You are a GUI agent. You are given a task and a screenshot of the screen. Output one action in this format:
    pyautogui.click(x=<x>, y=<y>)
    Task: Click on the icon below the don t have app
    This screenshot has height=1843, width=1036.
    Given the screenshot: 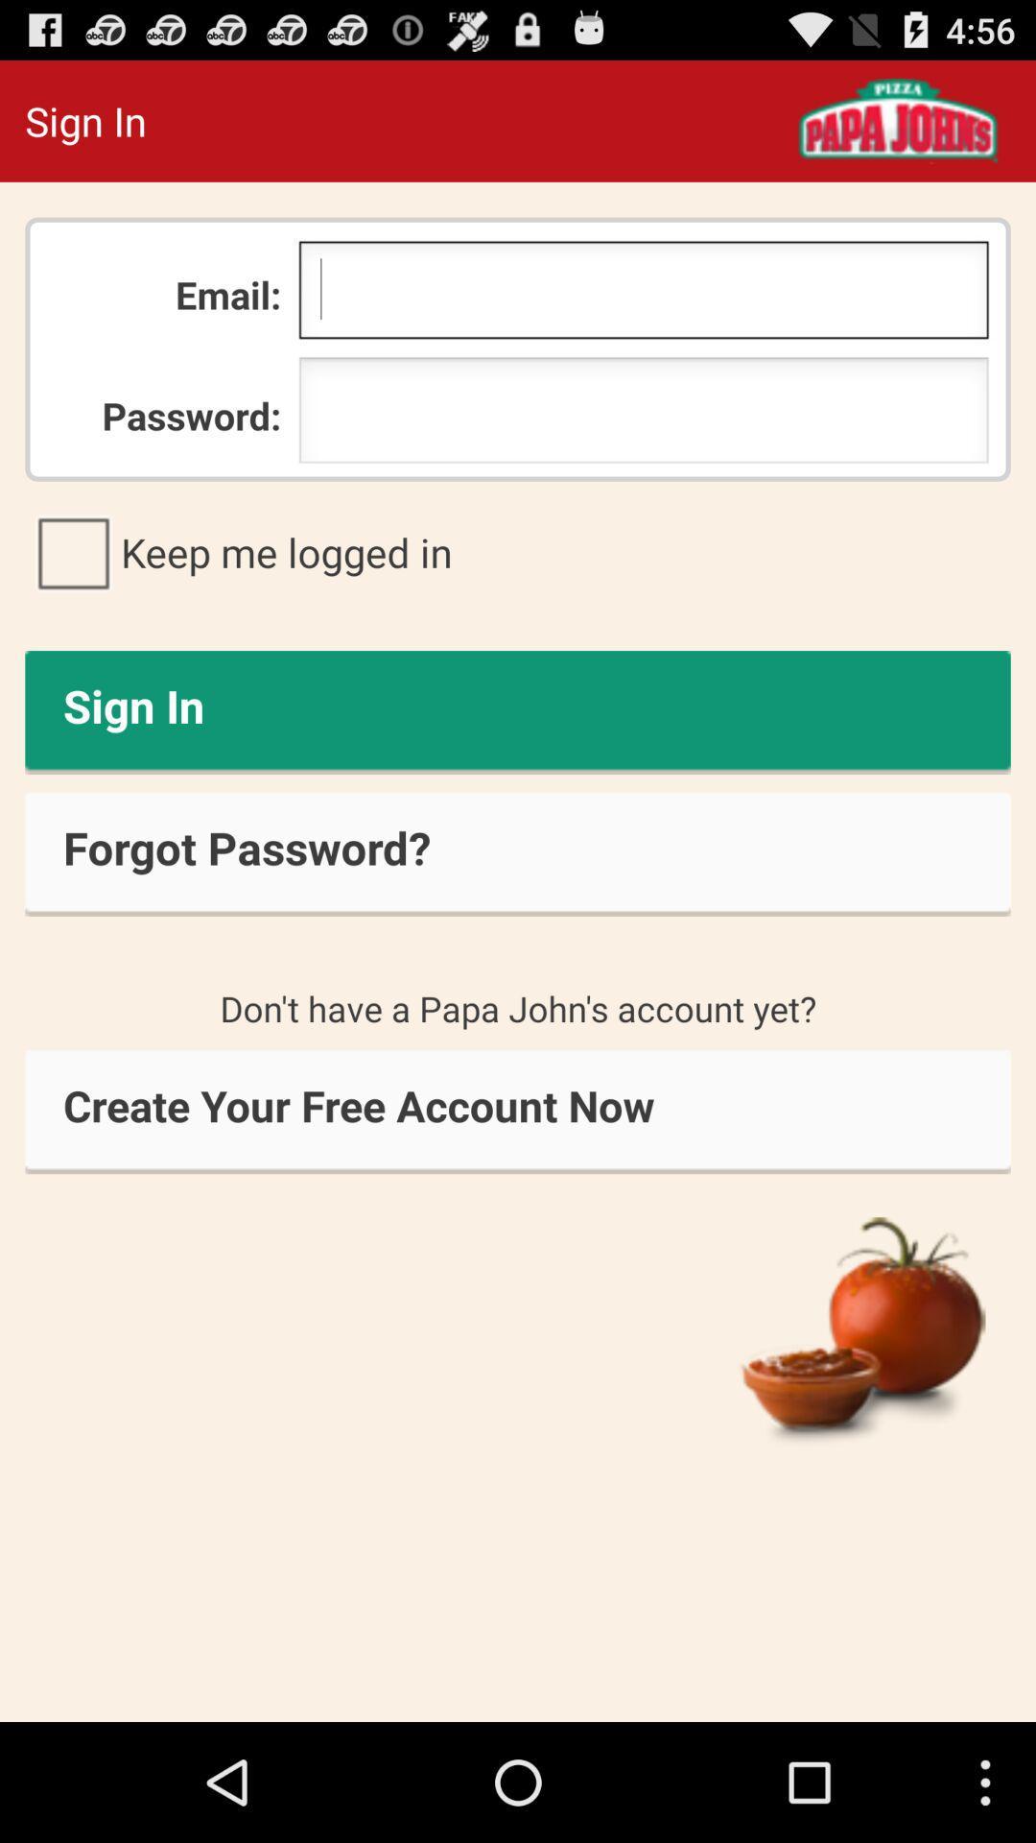 What is the action you would take?
    pyautogui.click(x=518, y=1112)
    